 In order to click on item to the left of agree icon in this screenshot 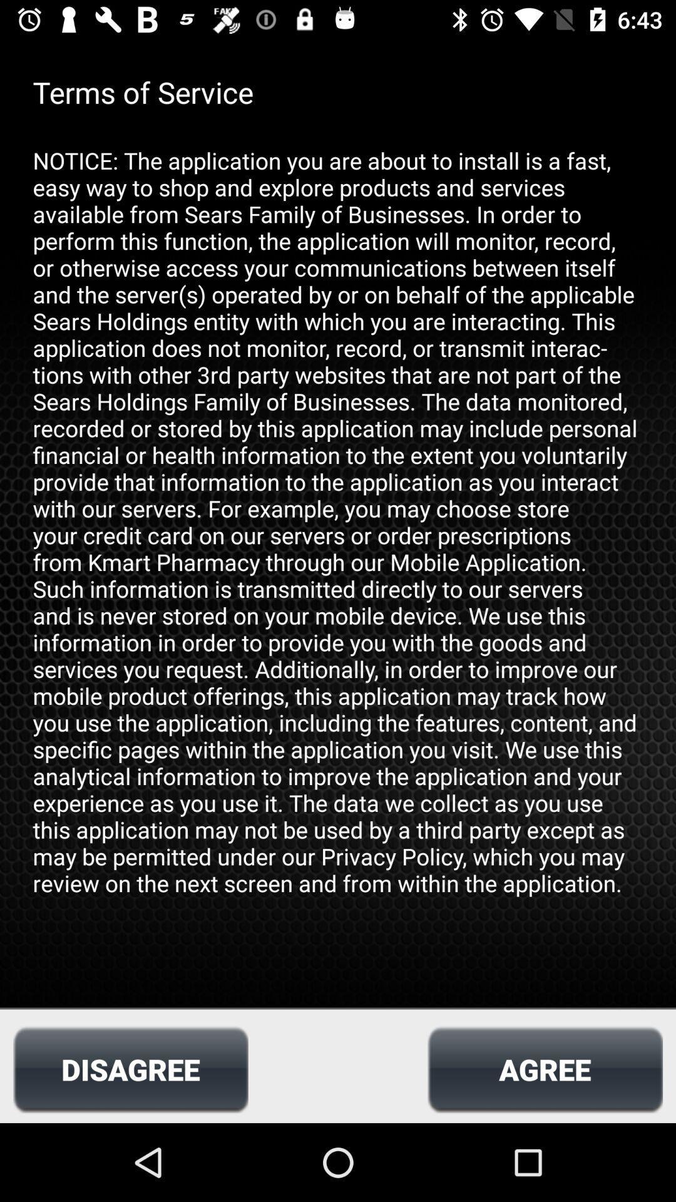, I will do `click(130, 1069)`.